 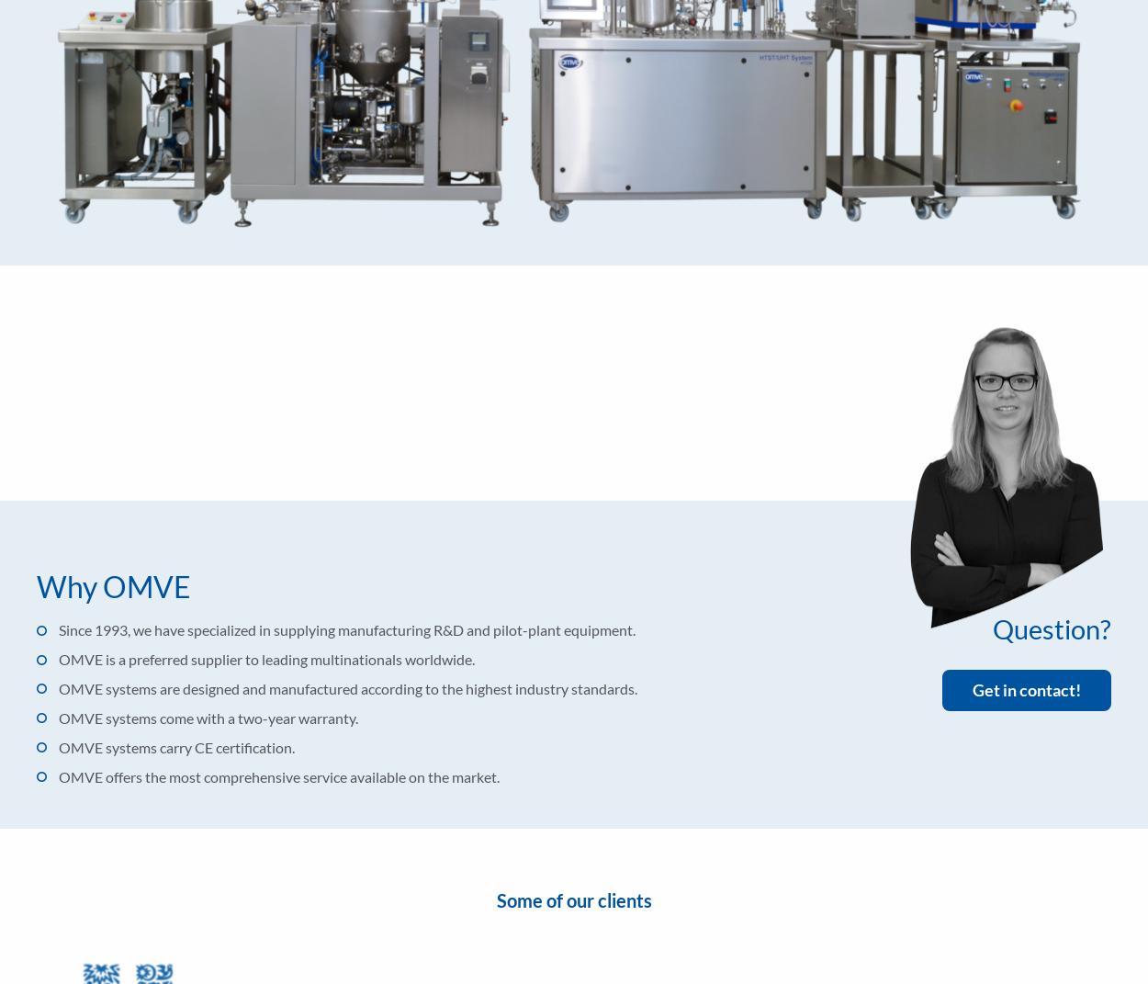 What do you see at coordinates (113, 584) in the screenshot?
I see `'Why OMVE'` at bounding box center [113, 584].